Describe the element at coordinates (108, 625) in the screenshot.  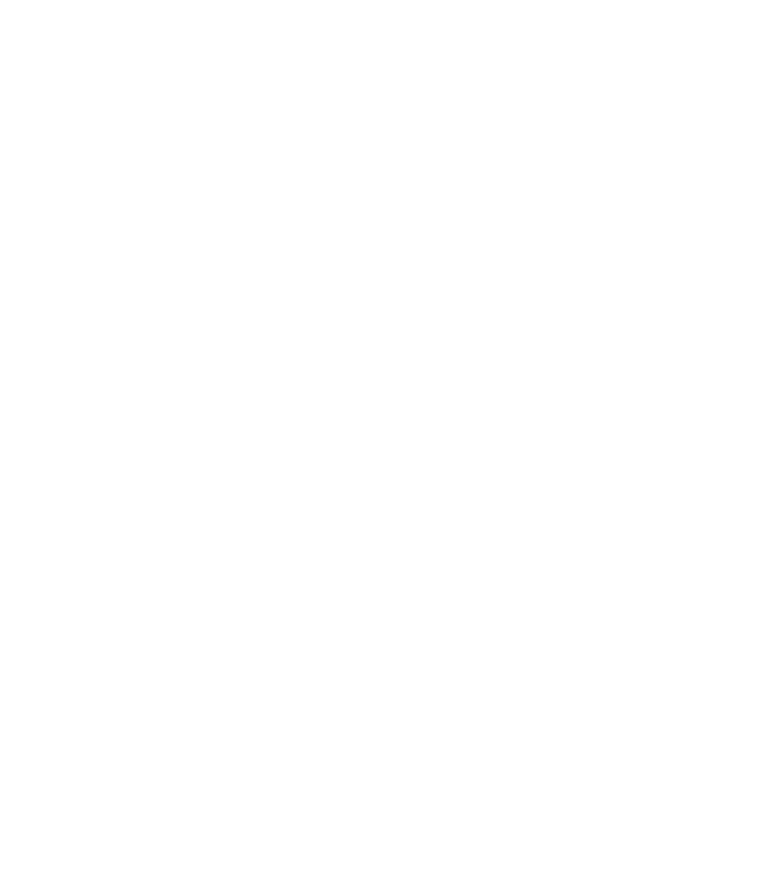
I see `'Think Like An Attacker - A Dark Reading November 16 Event'` at that location.